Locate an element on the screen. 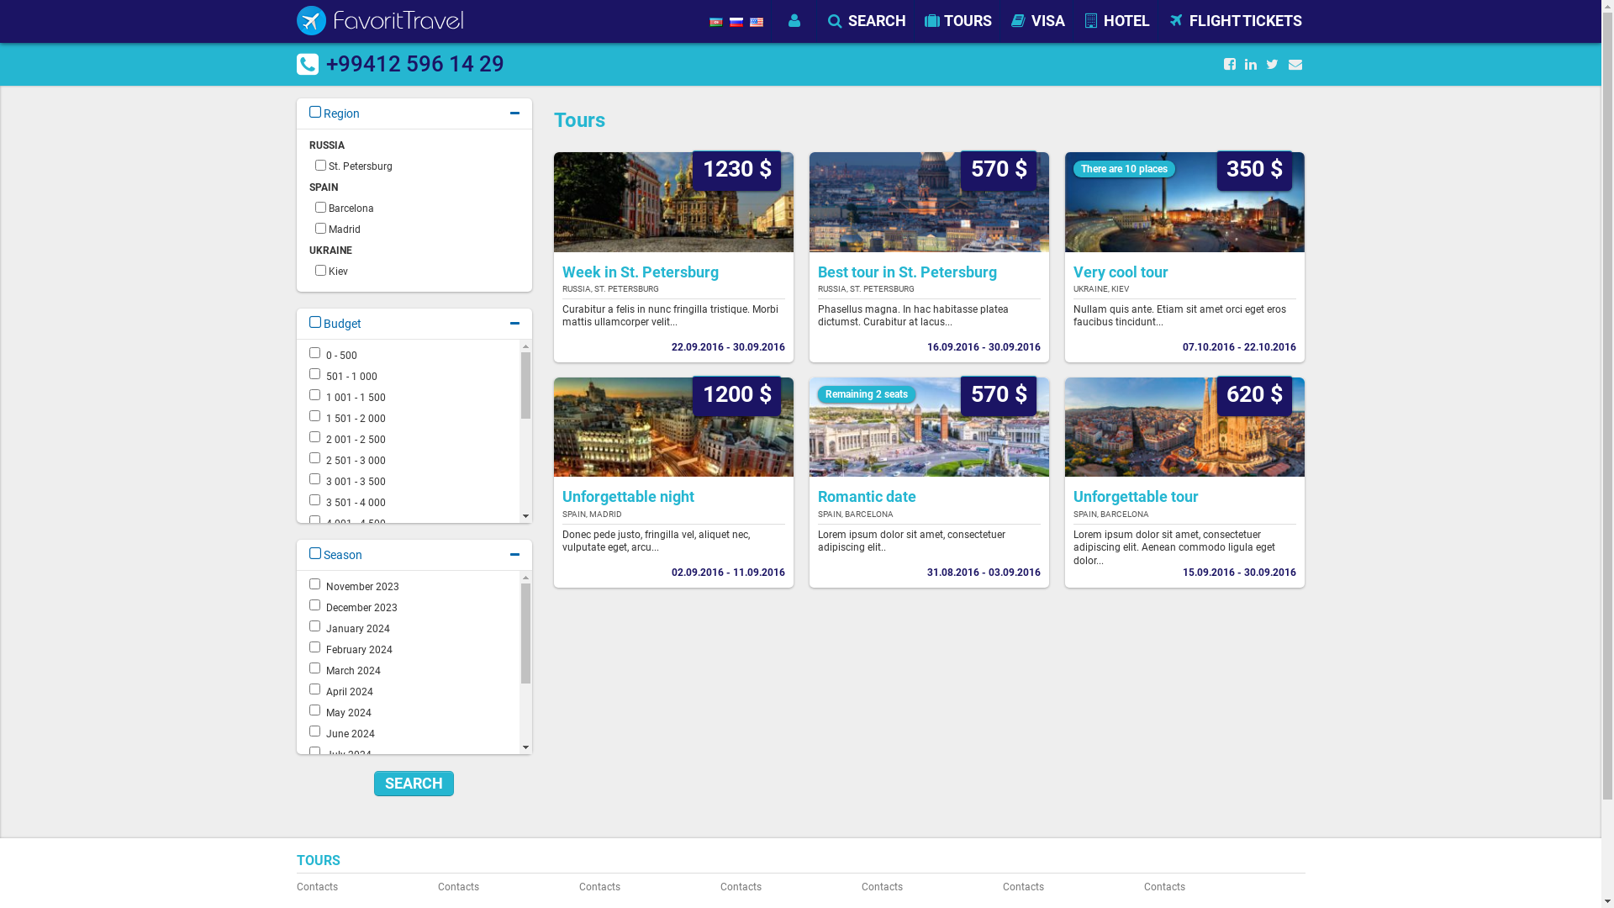 The height and width of the screenshot is (908, 1614). 'SEARCH' is located at coordinates (866, 20).